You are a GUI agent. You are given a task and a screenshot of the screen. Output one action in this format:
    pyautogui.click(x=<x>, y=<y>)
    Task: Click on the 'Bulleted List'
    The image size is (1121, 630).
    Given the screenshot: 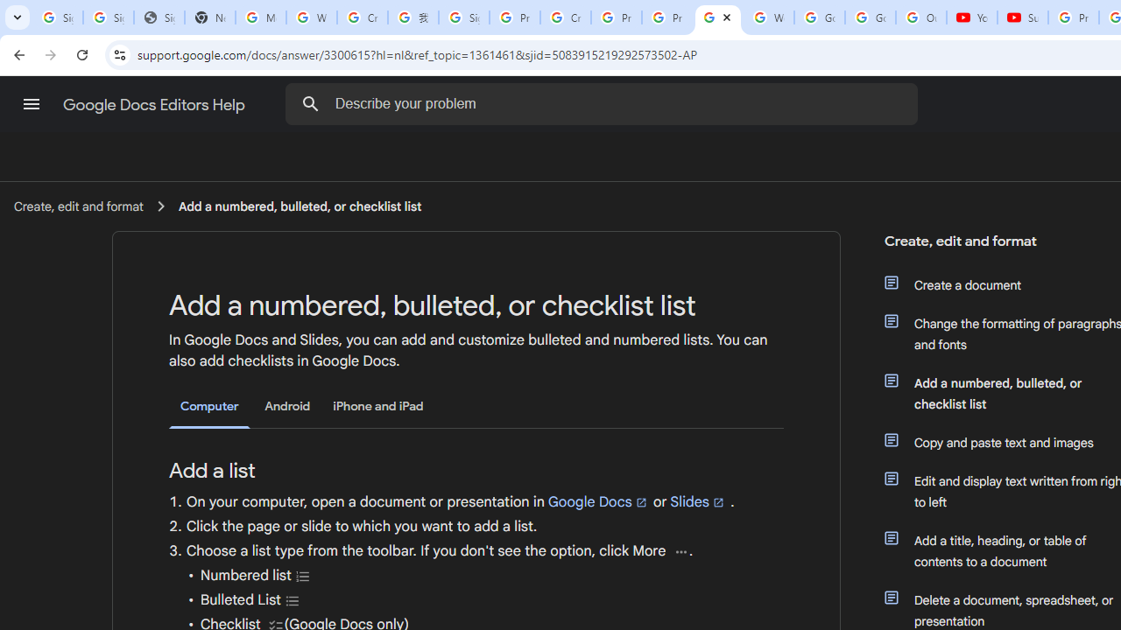 What is the action you would take?
    pyautogui.click(x=293, y=599)
    